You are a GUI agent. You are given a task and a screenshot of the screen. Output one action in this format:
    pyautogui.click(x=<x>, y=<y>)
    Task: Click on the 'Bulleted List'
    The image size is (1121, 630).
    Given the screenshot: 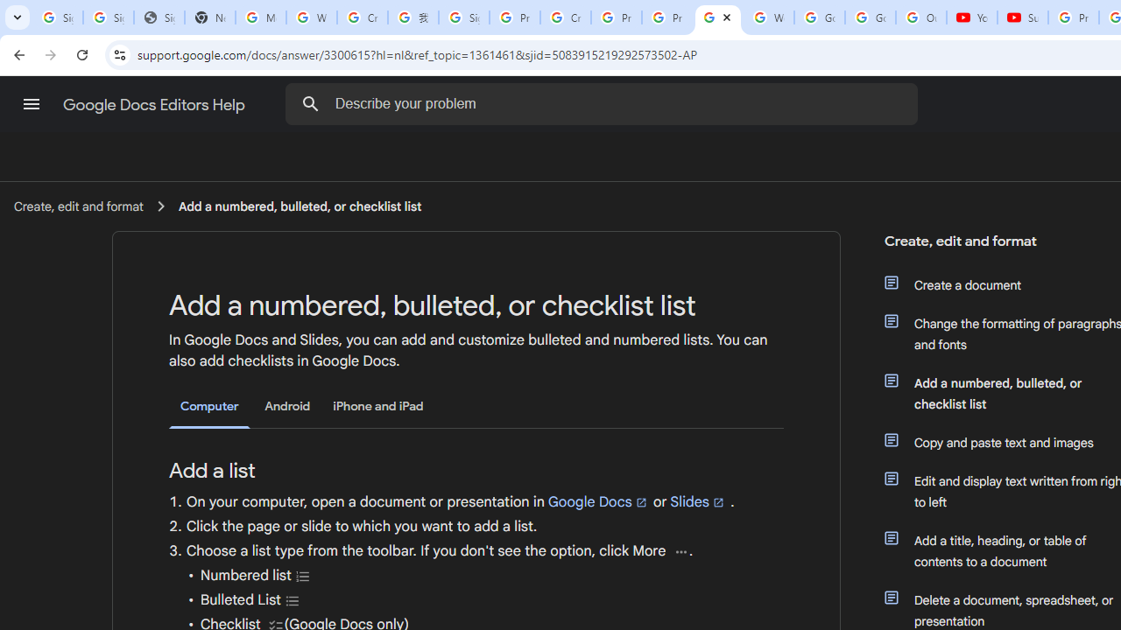 What is the action you would take?
    pyautogui.click(x=293, y=599)
    